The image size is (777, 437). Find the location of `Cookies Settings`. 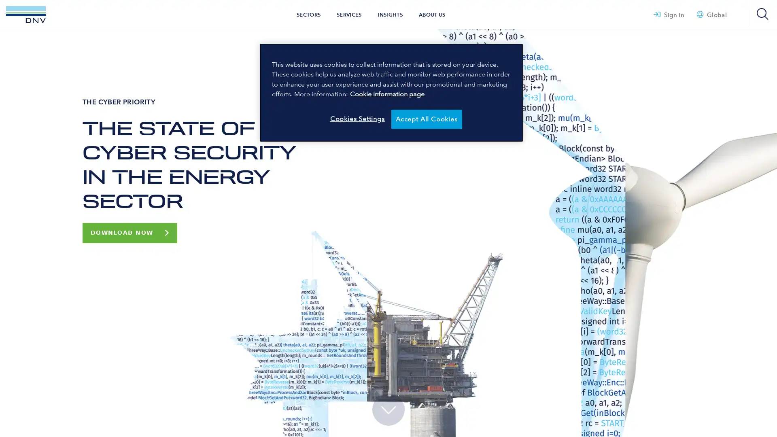

Cookies Settings is located at coordinates (357, 119).